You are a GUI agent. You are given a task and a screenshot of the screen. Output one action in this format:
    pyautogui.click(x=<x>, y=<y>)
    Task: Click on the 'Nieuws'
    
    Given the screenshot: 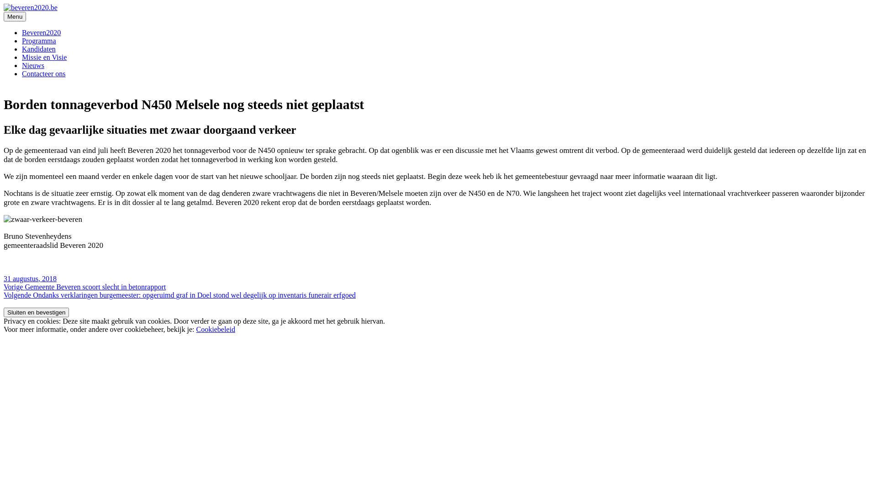 What is the action you would take?
    pyautogui.click(x=33, y=65)
    